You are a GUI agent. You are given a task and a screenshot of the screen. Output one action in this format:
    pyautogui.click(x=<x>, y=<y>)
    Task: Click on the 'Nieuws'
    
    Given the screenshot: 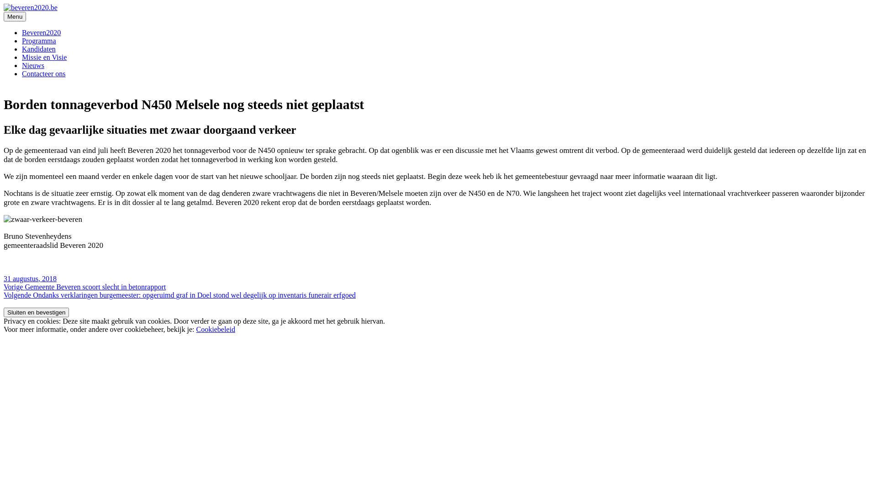 What is the action you would take?
    pyautogui.click(x=33, y=65)
    